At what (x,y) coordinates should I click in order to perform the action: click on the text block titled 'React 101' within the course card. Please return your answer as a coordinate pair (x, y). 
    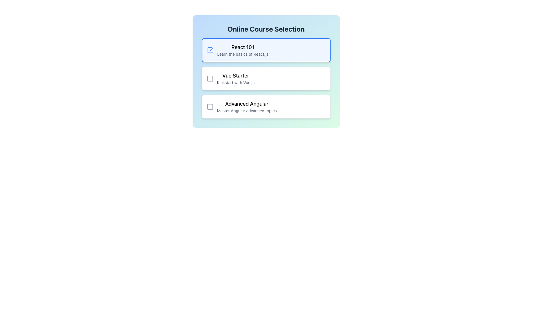
    Looking at the image, I should click on (237, 50).